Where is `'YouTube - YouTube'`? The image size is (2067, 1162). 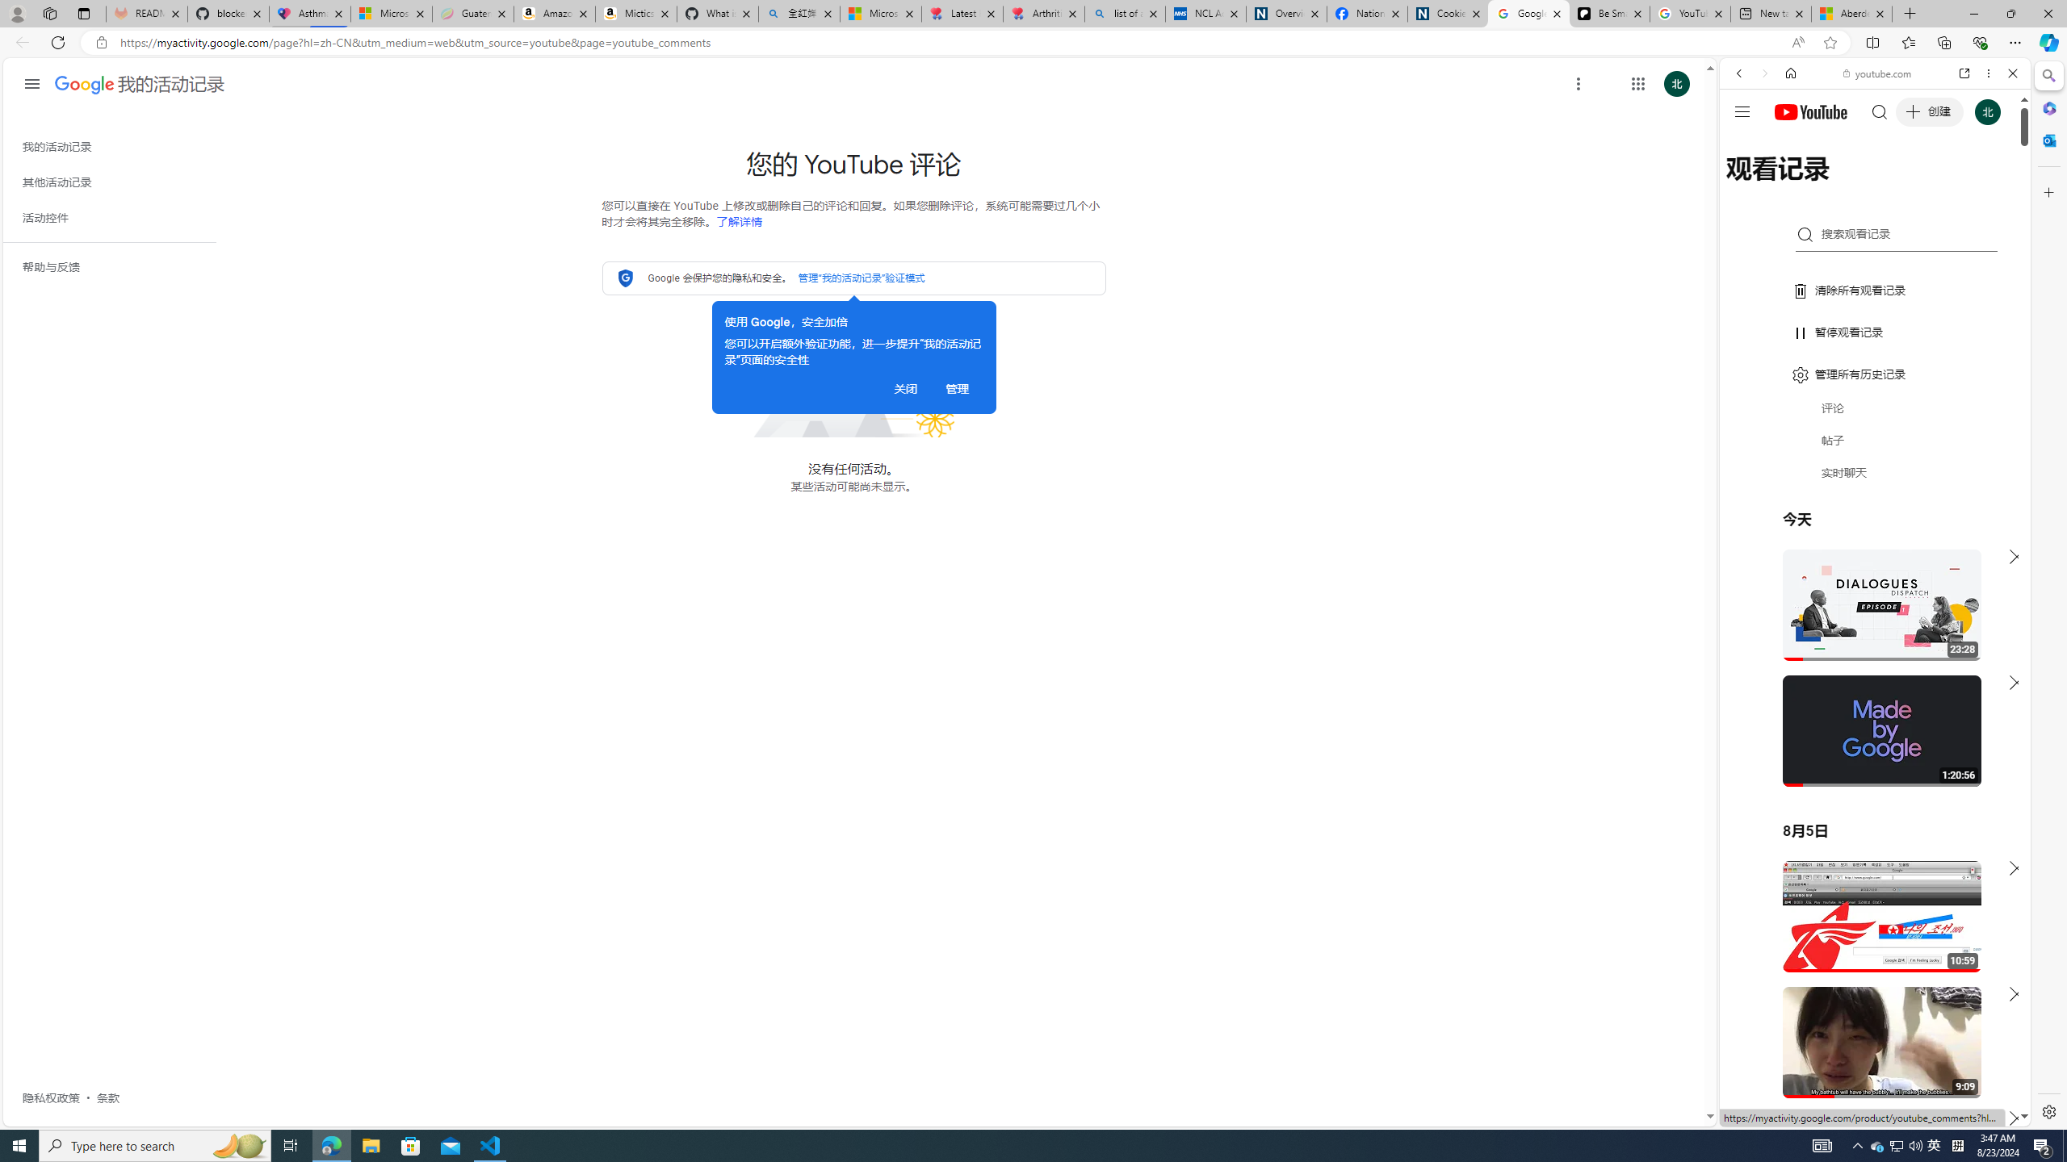 'YouTube - YouTube' is located at coordinates (1868, 795).